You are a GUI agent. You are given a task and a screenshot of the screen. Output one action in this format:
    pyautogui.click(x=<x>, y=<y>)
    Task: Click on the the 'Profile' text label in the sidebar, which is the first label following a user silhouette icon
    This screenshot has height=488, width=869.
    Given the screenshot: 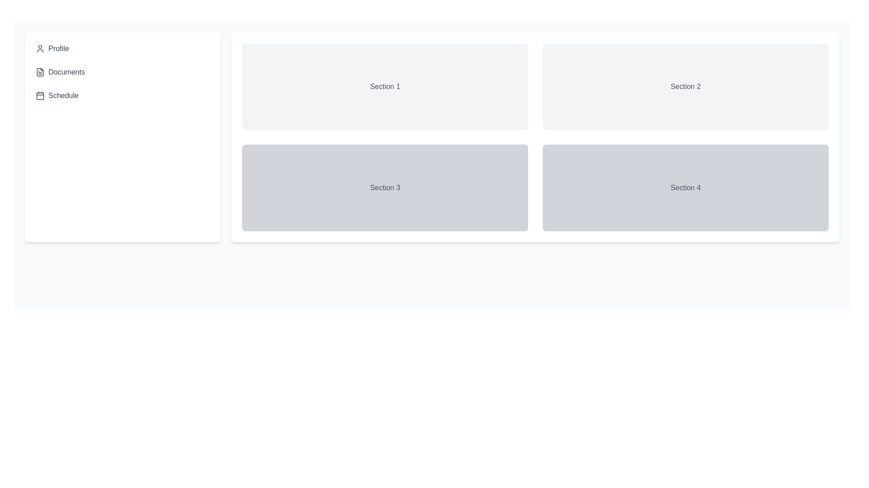 What is the action you would take?
    pyautogui.click(x=58, y=49)
    